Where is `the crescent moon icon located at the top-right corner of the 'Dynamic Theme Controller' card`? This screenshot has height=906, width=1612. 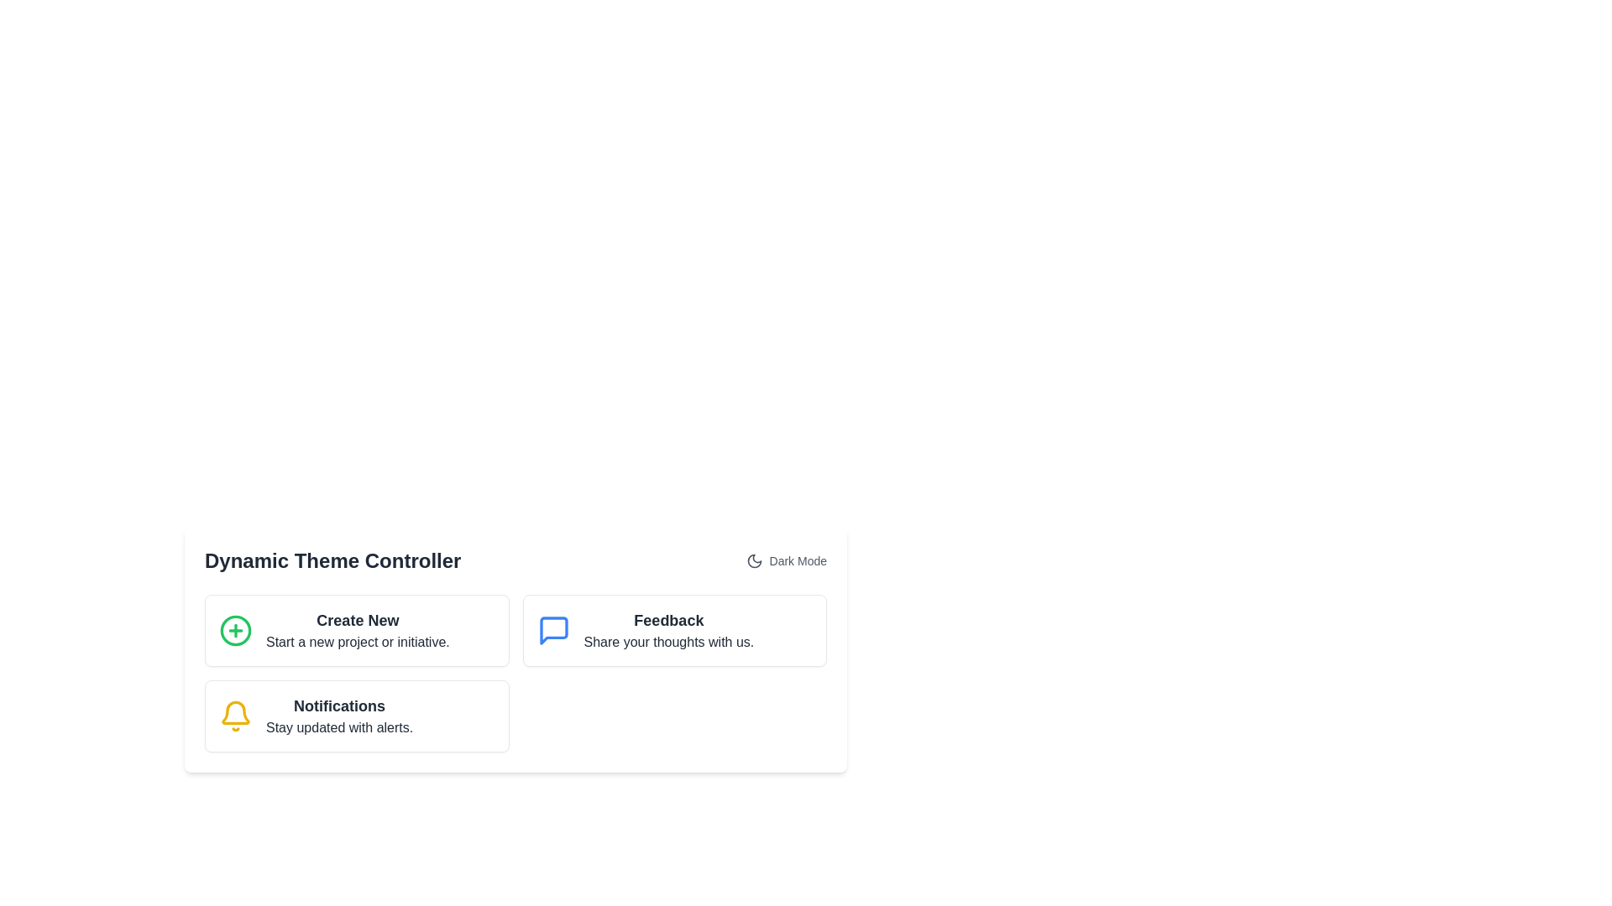
the crescent moon icon located at the top-right corner of the 'Dynamic Theme Controller' card is located at coordinates (753, 560).